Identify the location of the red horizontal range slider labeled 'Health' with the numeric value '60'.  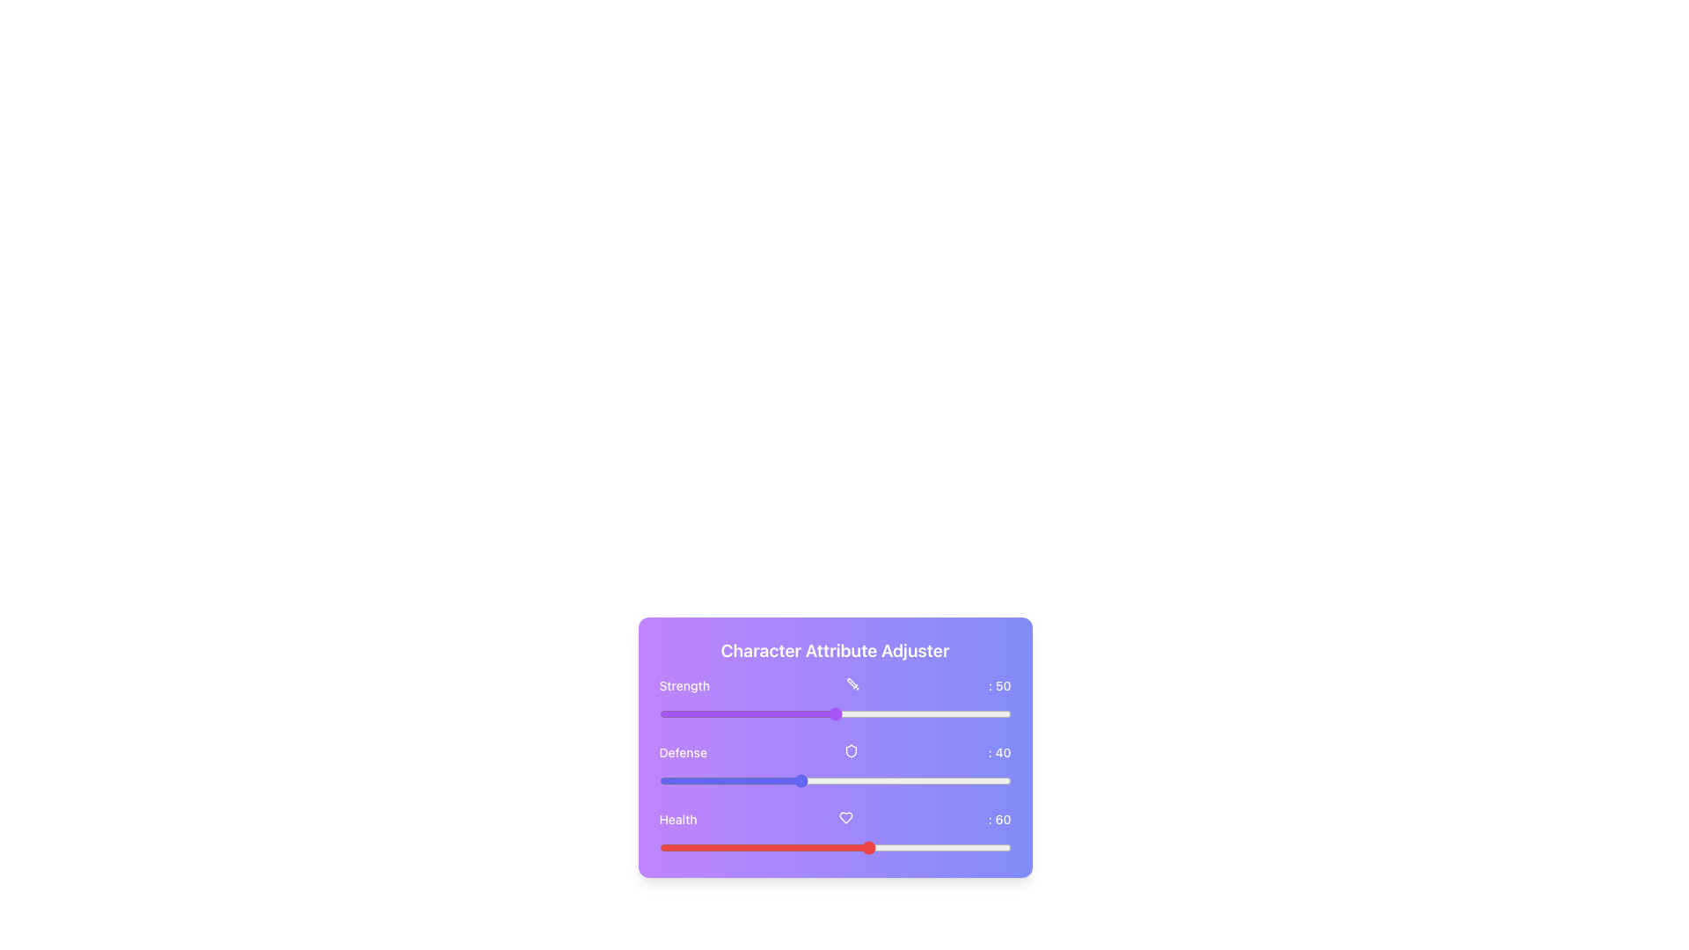
(834, 833).